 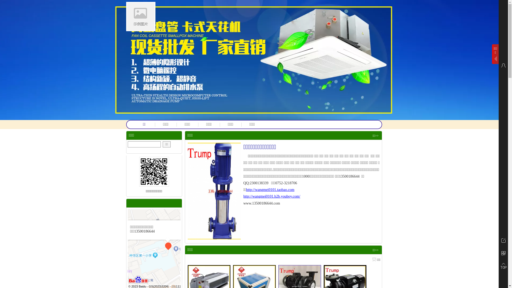 What do you see at coordinates (271, 196) in the screenshot?
I see `'http://wangmei0101.b2b.youboy.com/'` at bounding box center [271, 196].